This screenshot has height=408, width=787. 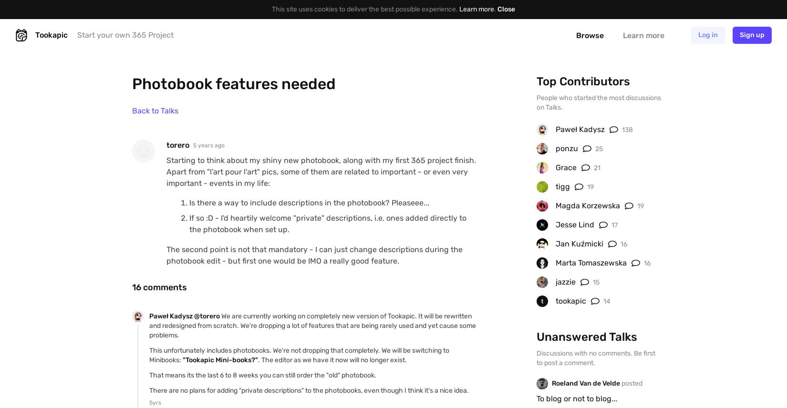 What do you see at coordinates (577, 398) in the screenshot?
I see `'To blog or not to blog...'` at bounding box center [577, 398].